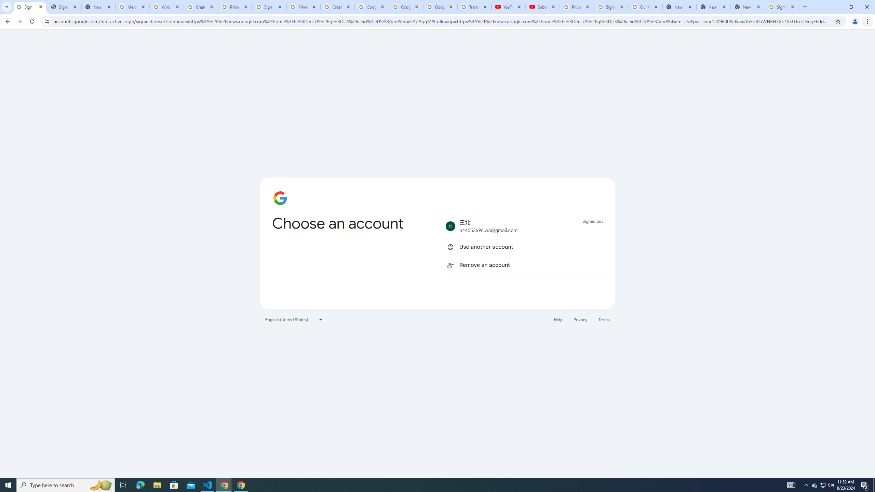 This screenshot has height=492, width=875. What do you see at coordinates (542, 6) in the screenshot?
I see `'Subscriptions - YouTube'` at bounding box center [542, 6].